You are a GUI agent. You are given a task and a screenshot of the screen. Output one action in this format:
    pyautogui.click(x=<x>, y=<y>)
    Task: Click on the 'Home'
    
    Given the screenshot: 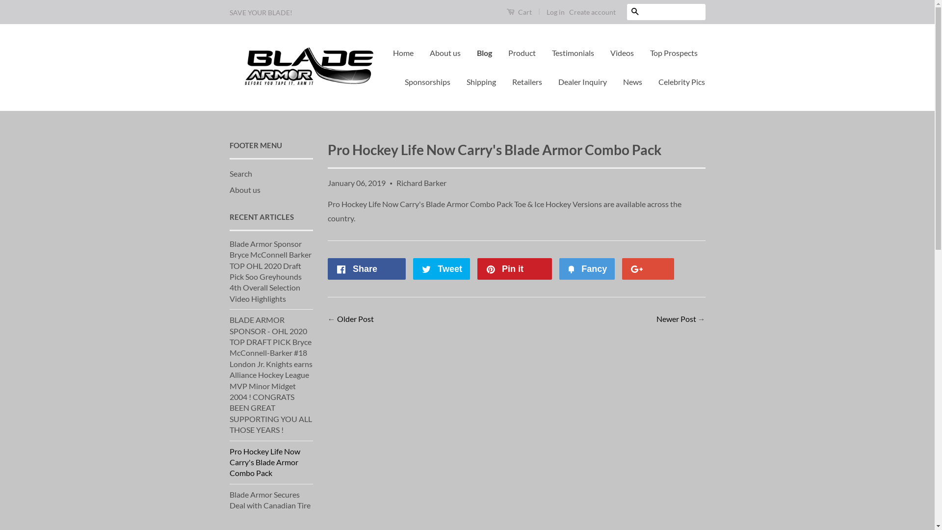 What is the action you would take?
    pyautogui.click(x=407, y=53)
    